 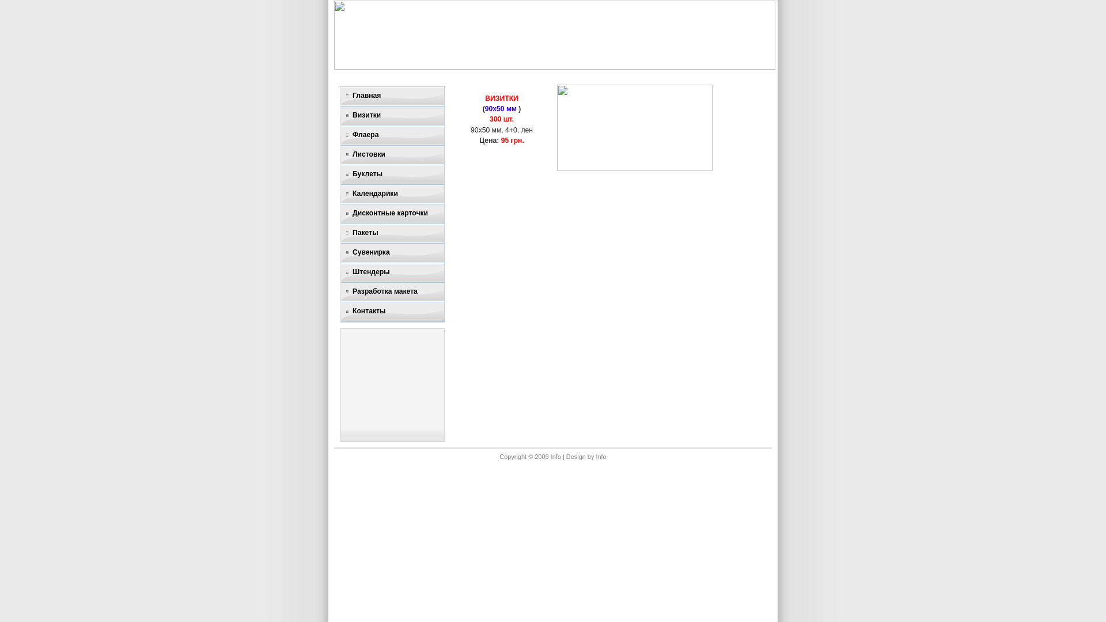 I want to click on 'Info', so click(x=600, y=456).